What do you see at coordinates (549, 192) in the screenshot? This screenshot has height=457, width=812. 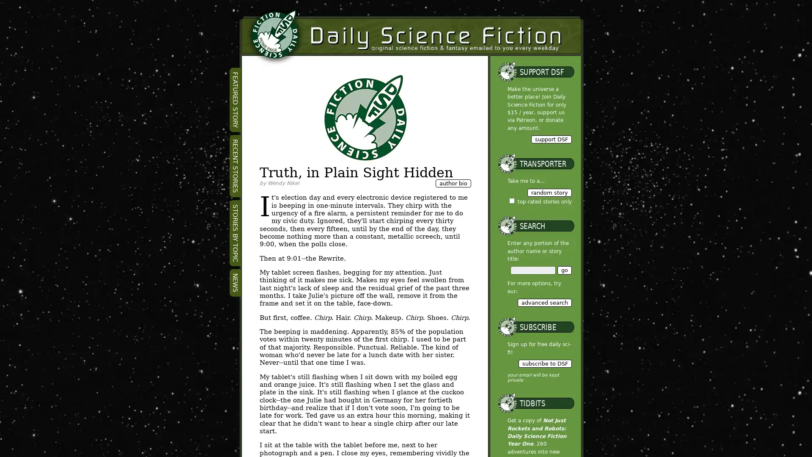 I see `random story` at bounding box center [549, 192].